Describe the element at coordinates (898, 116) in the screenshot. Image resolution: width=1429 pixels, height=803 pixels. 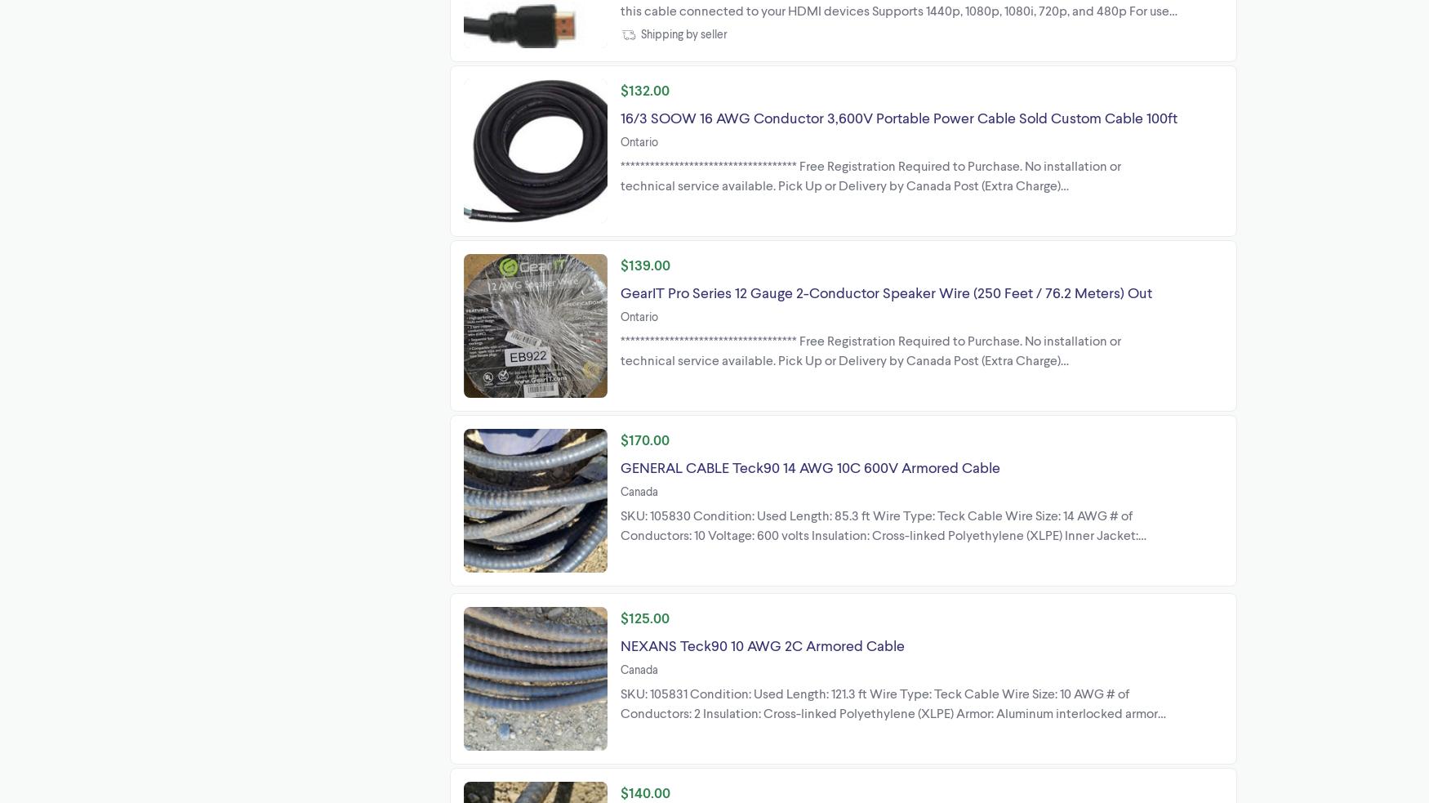
I see `'16/3 SOOW 16 AWG Conductor 3,600V Portable Power Cable Sold Custom Cable 100ft'` at that location.